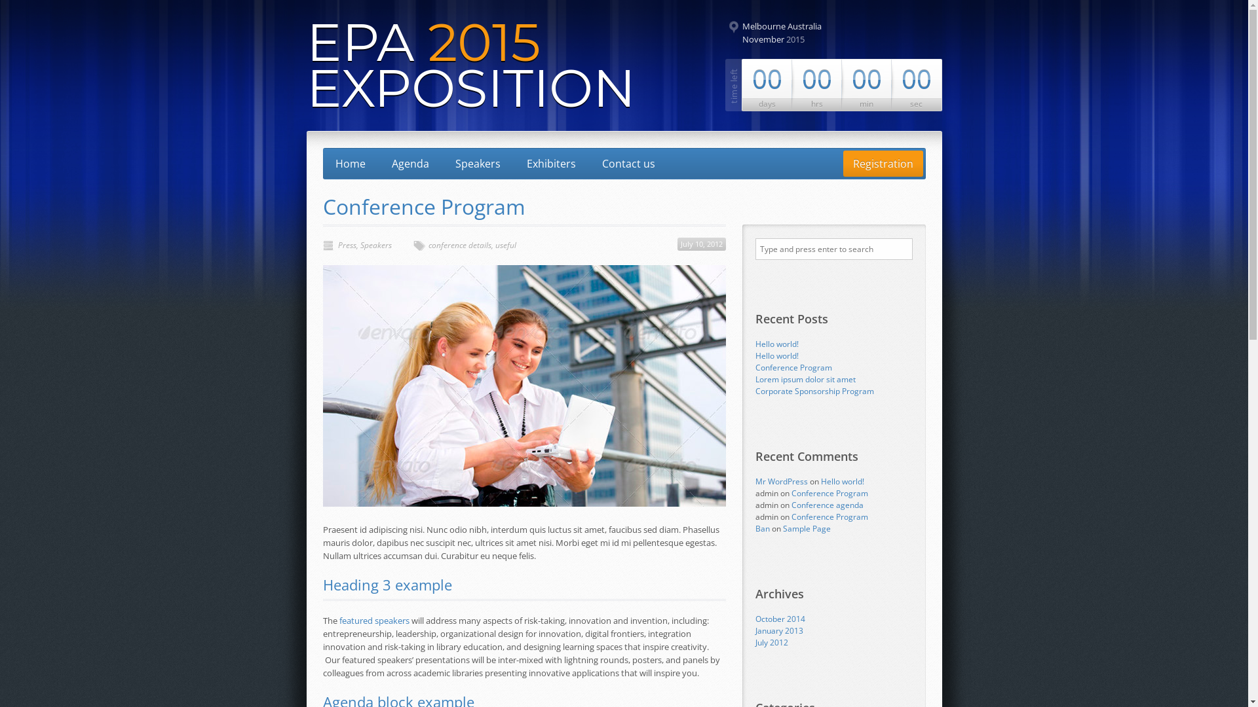 The width and height of the screenshot is (1258, 707). I want to click on 'July 2012', so click(771, 642).